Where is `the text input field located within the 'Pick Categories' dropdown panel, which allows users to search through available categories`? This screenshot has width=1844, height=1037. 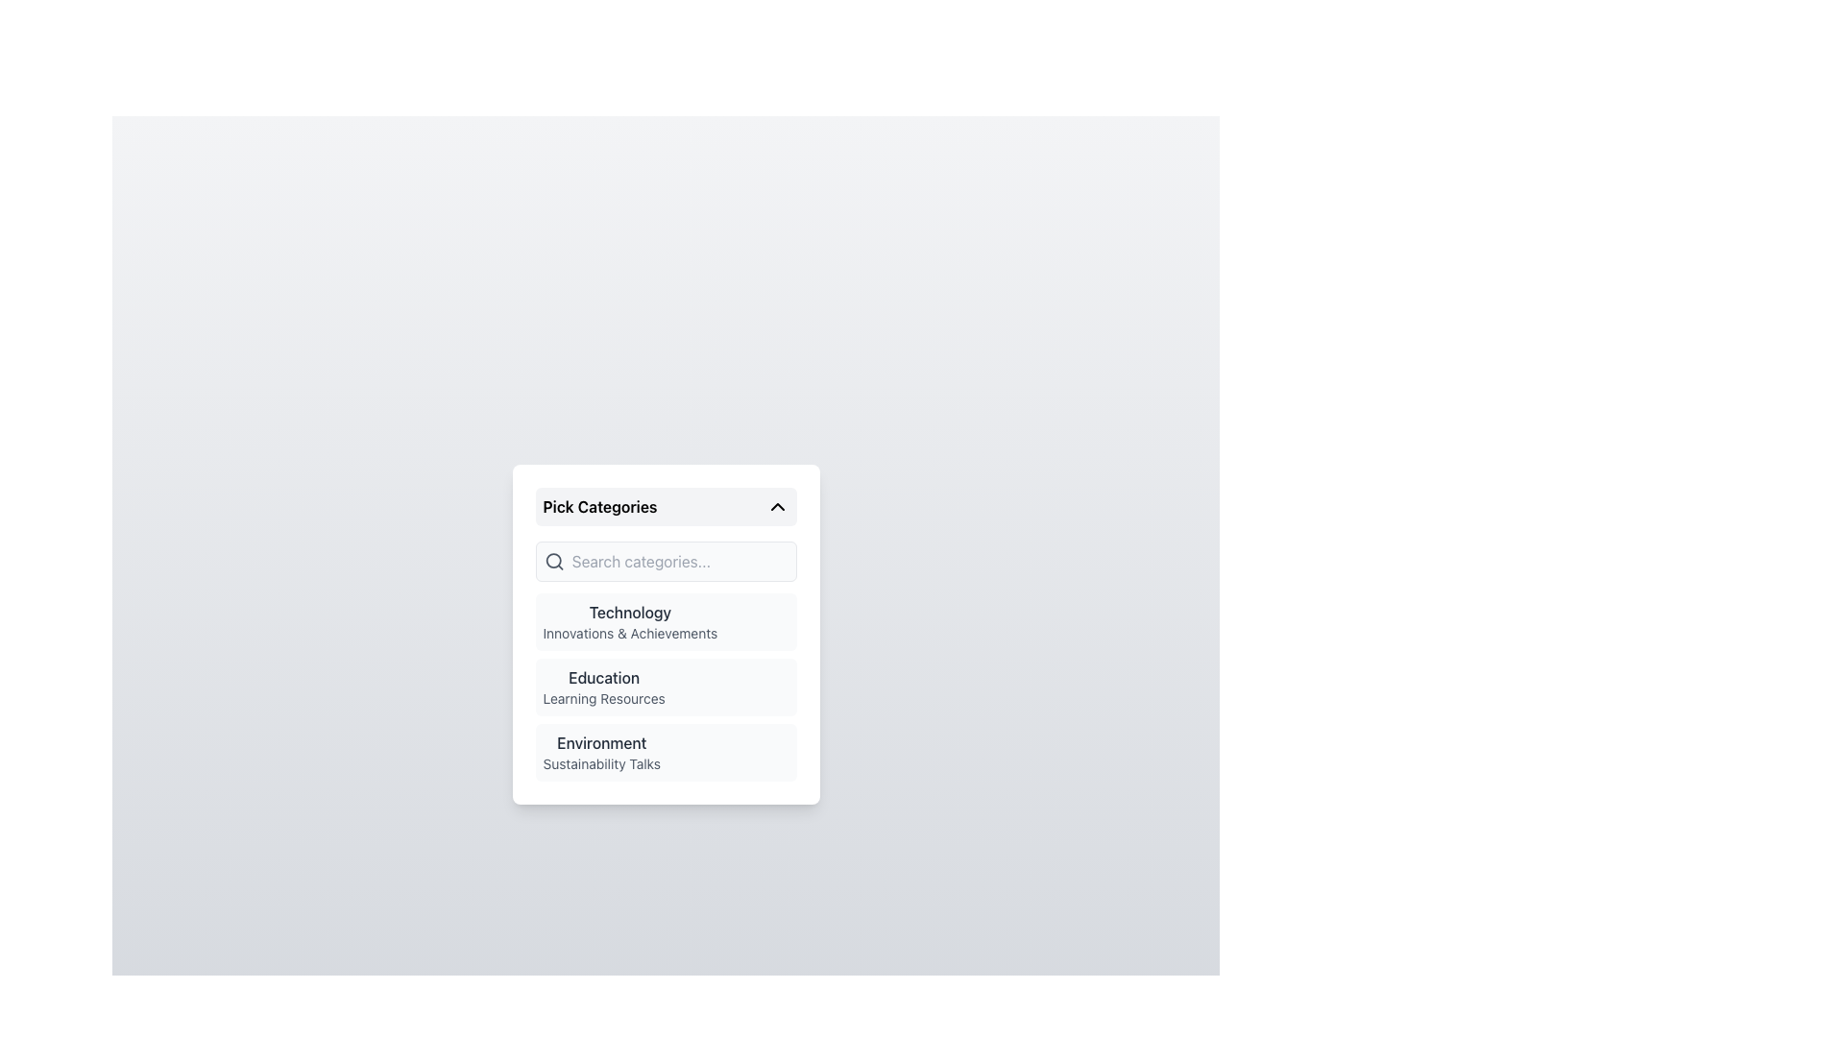 the text input field located within the 'Pick Categories' dropdown panel, which allows users to search through available categories is located at coordinates (666, 562).